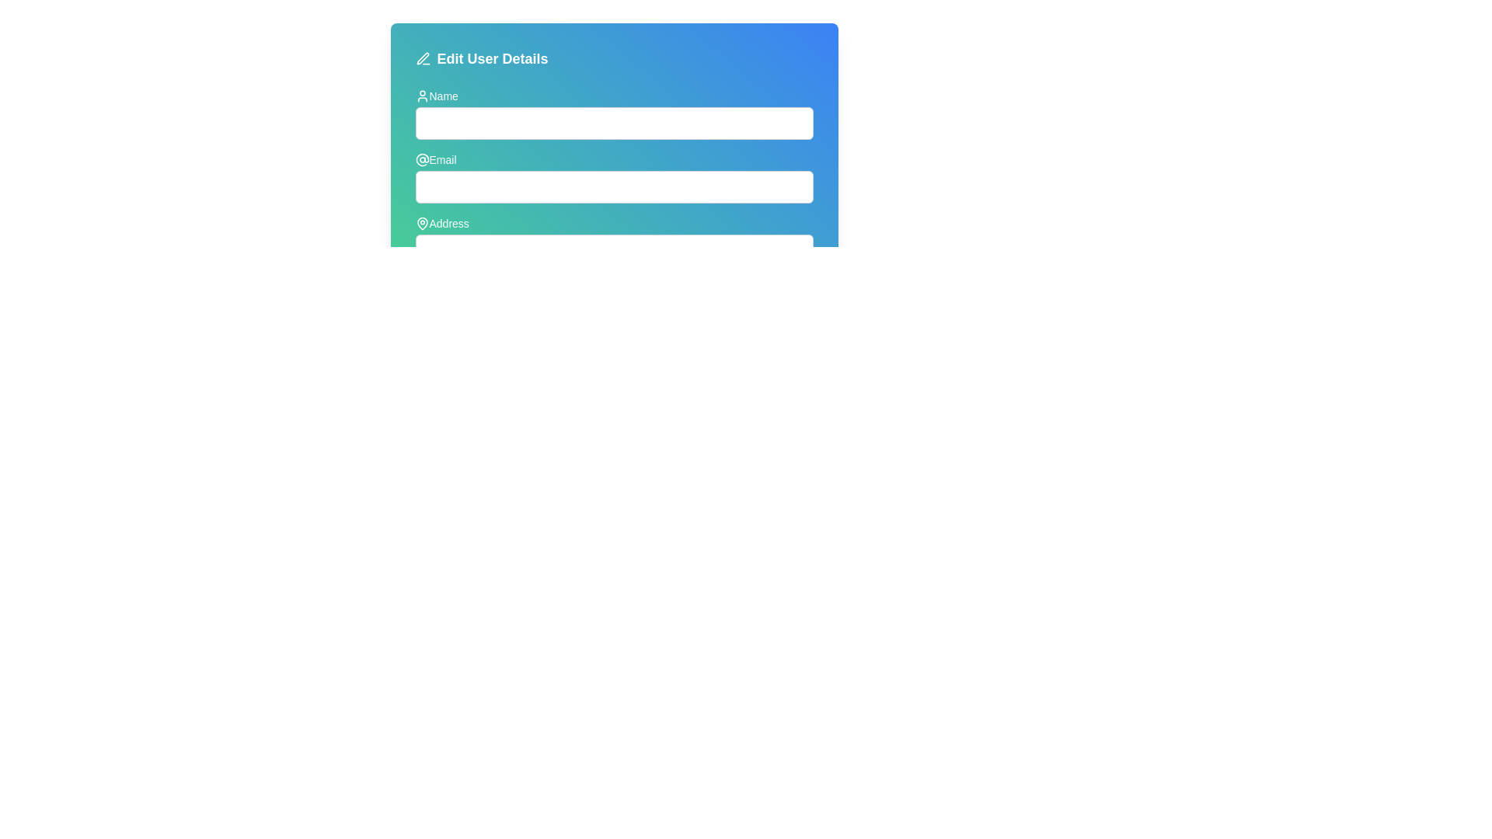 The image size is (1492, 839). What do you see at coordinates (422, 224) in the screenshot?
I see `the location pin icon, which is styled using SVG graphics and is positioned to the left of the 'Address' text in the 'Edit User Details' form` at bounding box center [422, 224].